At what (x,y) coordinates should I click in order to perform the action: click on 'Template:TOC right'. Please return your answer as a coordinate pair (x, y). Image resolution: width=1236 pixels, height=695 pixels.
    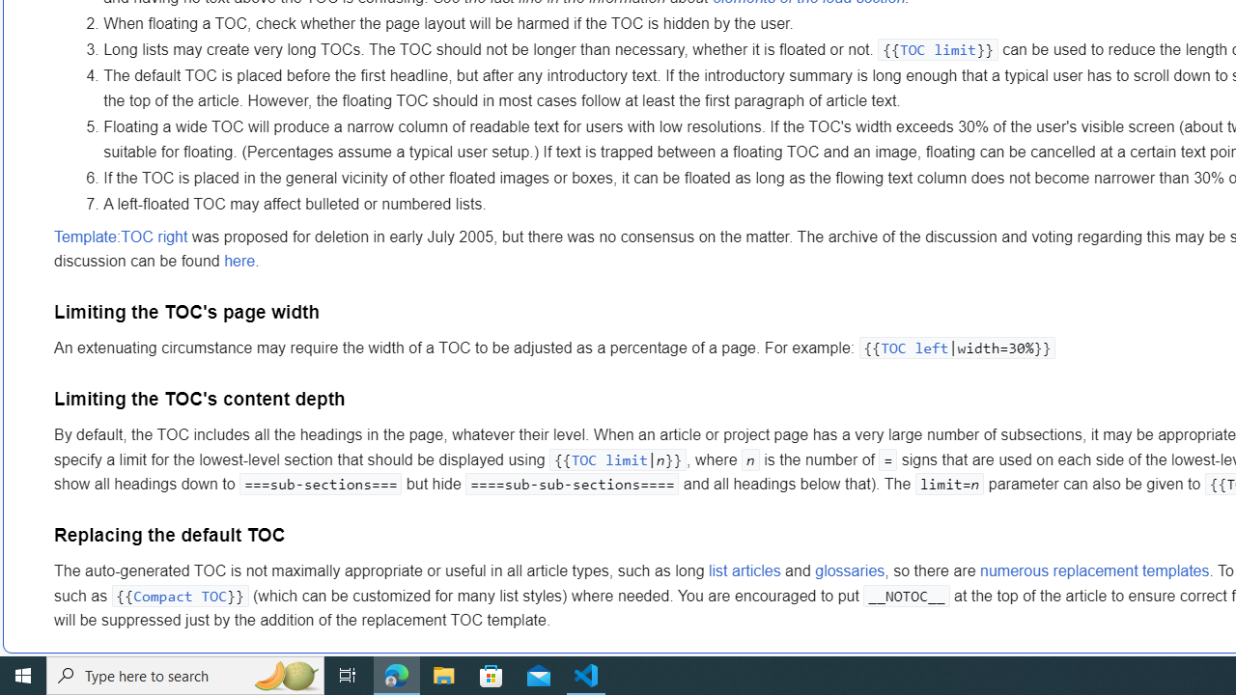
    Looking at the image, I should click on (120, 236).